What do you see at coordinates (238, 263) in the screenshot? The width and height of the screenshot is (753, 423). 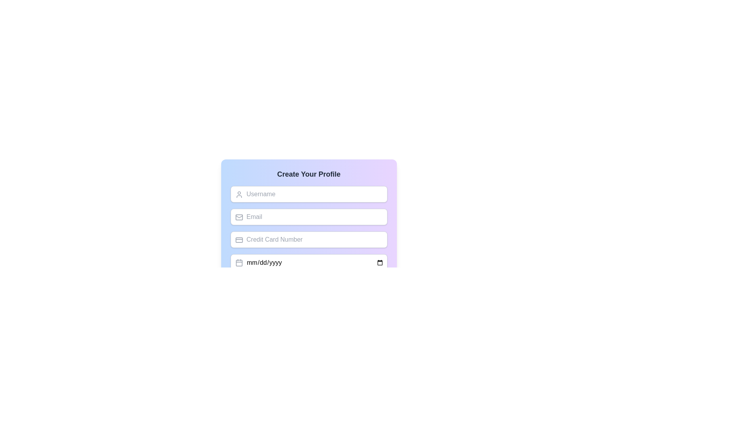 I see `the decorative shape within the calendar icon that is part of the date selection field labeled 'mm/dd/yyyy' located at the bottom section of the form` at bounding box center [238, 263].